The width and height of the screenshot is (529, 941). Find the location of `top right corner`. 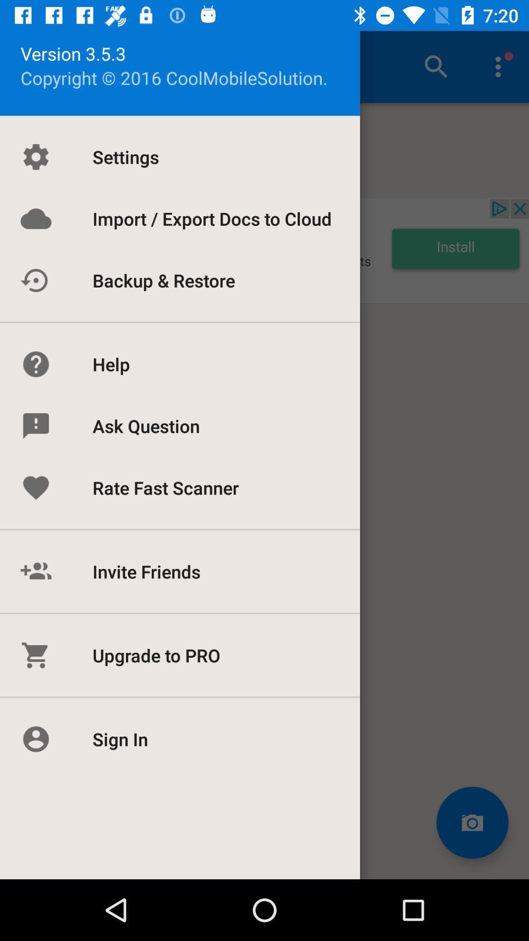

top right corner is located at coordinates (498, 67).